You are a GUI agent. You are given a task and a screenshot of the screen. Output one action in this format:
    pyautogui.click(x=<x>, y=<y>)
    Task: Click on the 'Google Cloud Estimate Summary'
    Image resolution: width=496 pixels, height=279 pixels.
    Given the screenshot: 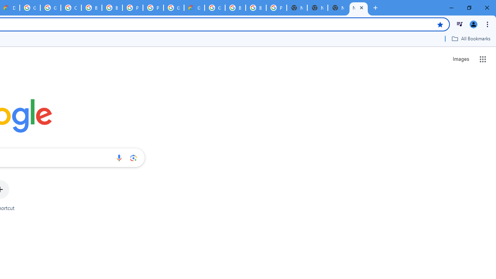 What is the action you would take?
    pyautogui.click(x=194, y=8)
    